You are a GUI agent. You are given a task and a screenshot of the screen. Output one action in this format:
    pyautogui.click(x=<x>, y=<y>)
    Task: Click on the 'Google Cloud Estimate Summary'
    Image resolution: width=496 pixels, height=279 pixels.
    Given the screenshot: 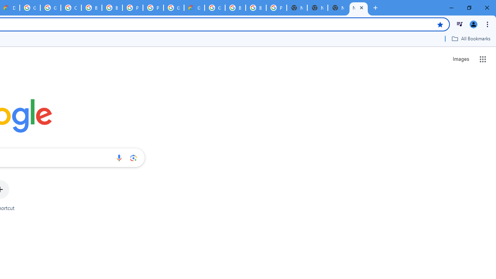 What is the action you would take?
    pyautogui.click(x=194, y=8)
    